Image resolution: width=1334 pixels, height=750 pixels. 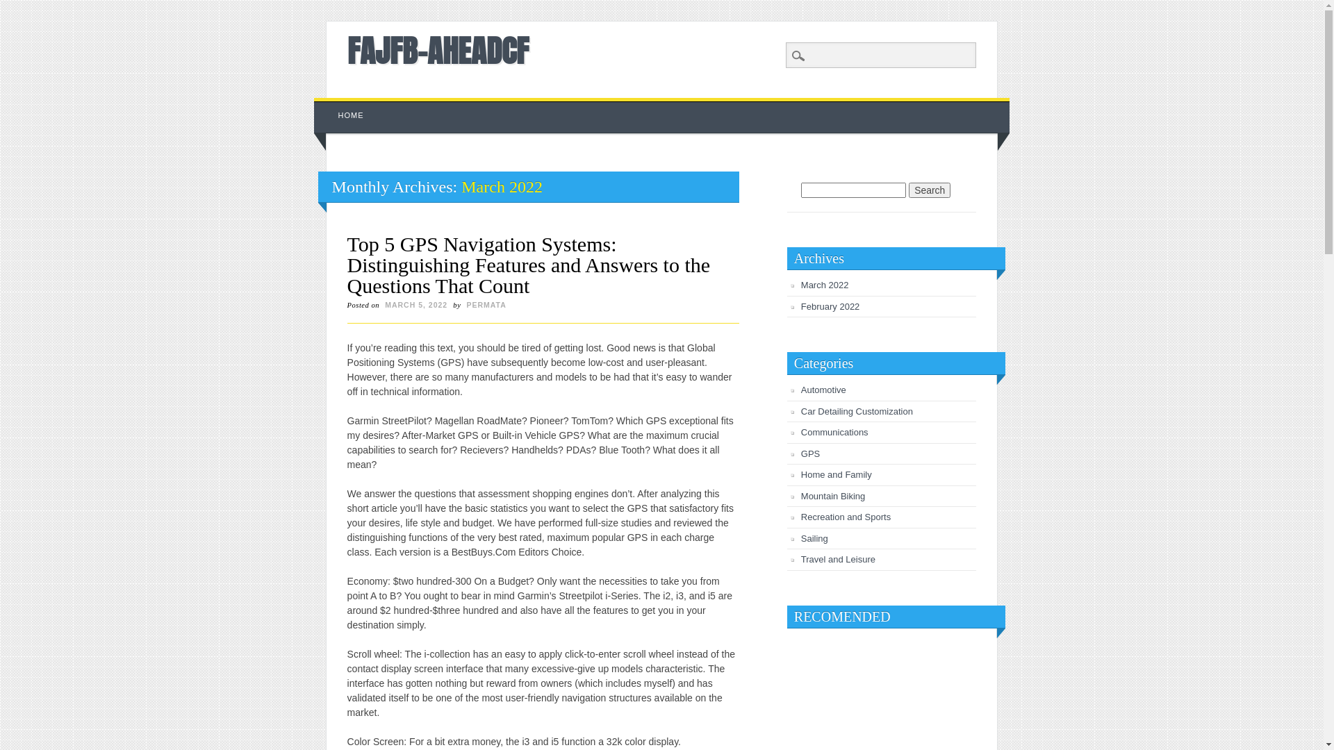 I want to click on 'Search', so click(x=930, y=190).